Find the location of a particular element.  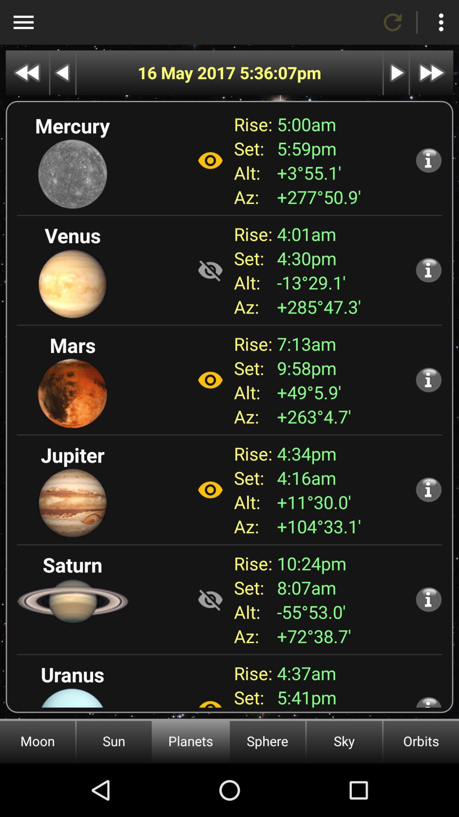

notification is located at coordinates (428, 379).